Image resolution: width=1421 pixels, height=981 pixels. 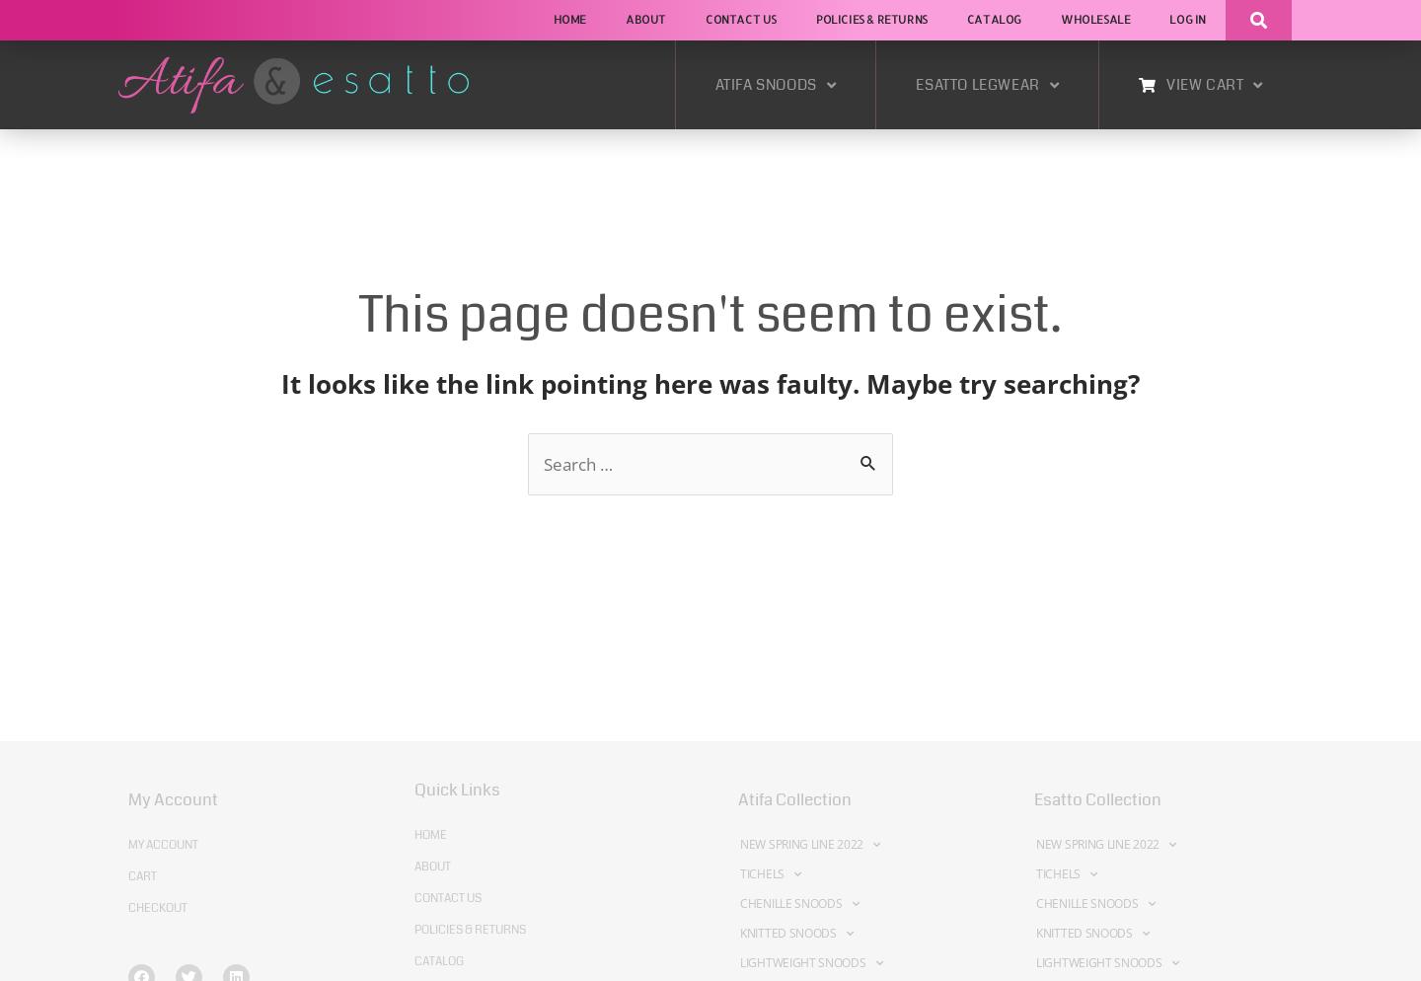 What do you see at coordinates (660, 325) in the screenshot?
I see `'BEANIES & HATS'` at bounding box center [660, 325].